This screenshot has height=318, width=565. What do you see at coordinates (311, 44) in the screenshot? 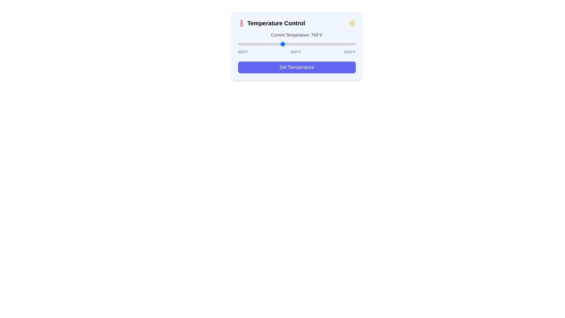
I see `the temperature` at bounding box center [311, 44].